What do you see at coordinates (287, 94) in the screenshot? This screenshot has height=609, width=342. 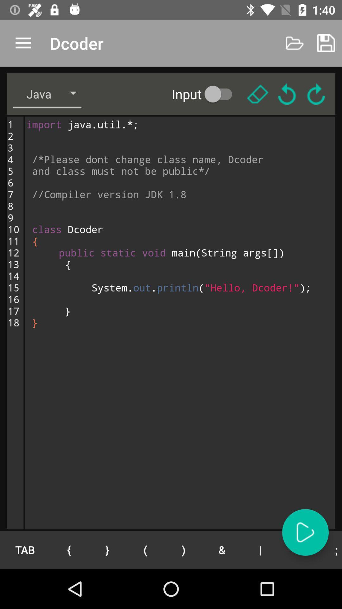 I see `undo` at bounding box center [287, 94].